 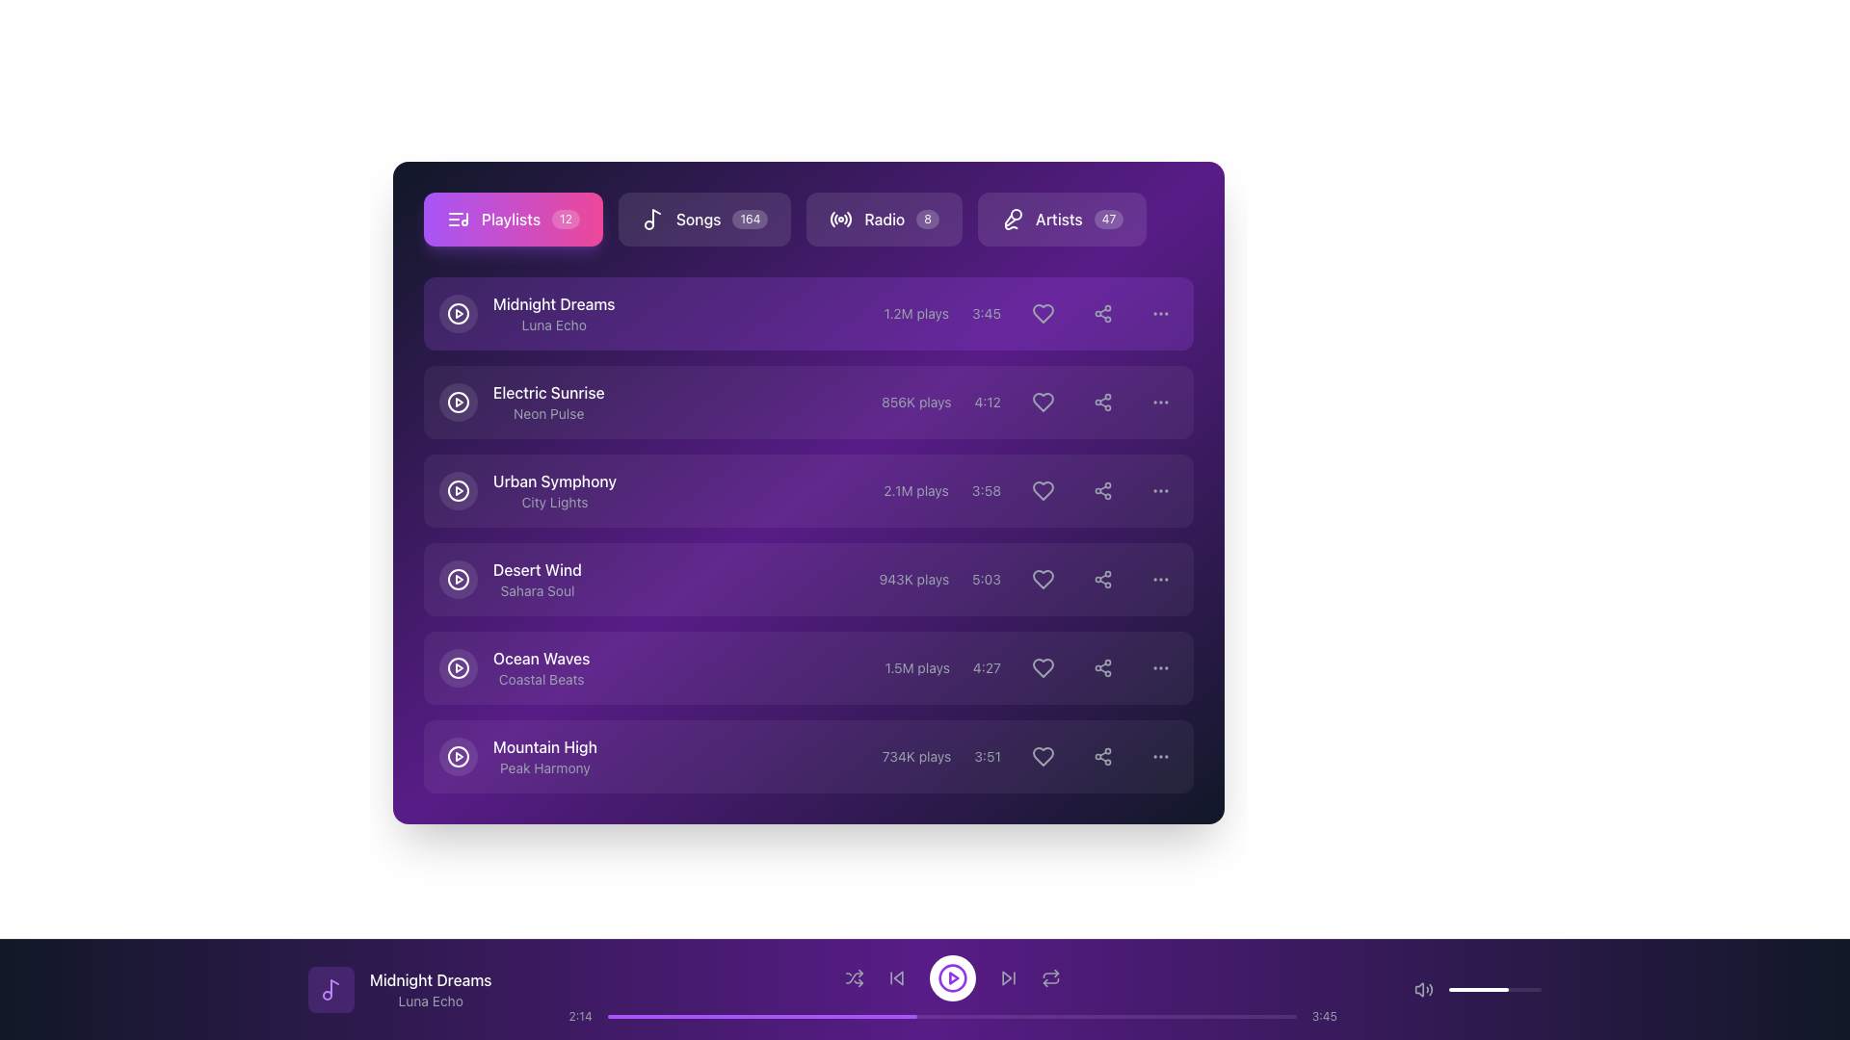 What do you see at coordinates (1103, 667) in the screenshot?
I see `the sharing icon located in the fourth row of the playlist interface, on the far right, adjacent to the heart icon, to share the 'Ocean Waves' track` at bounding box center [1103, 667].